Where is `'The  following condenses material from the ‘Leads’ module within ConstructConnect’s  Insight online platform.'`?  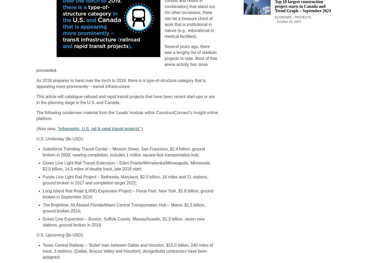 'The  following condenses material from the ‘Leads’ module within ConstructConnect’s  Insight online platform.' is located at coordinates (127, 115).